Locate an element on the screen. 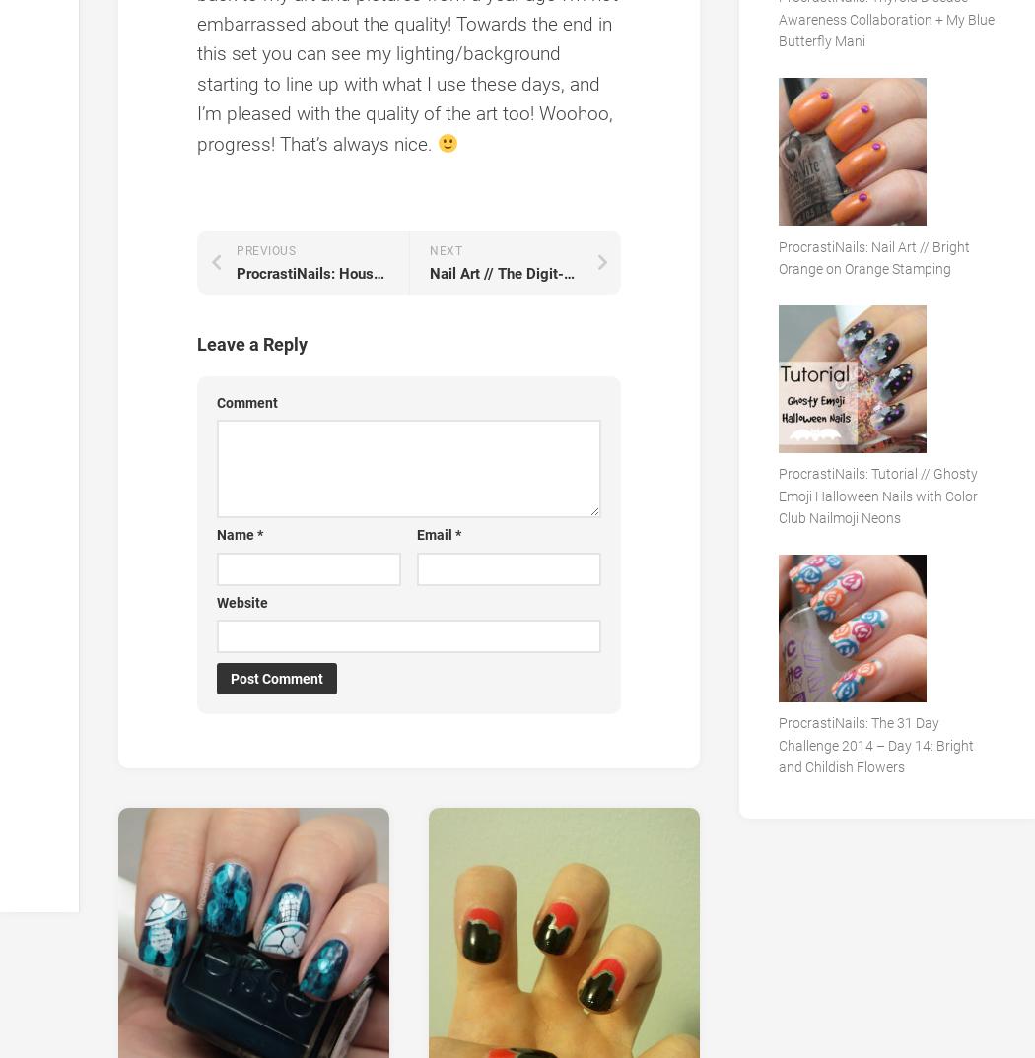 This screenshot has width=1035, height=1058. 'Email' is located at coordinates (434, 534).